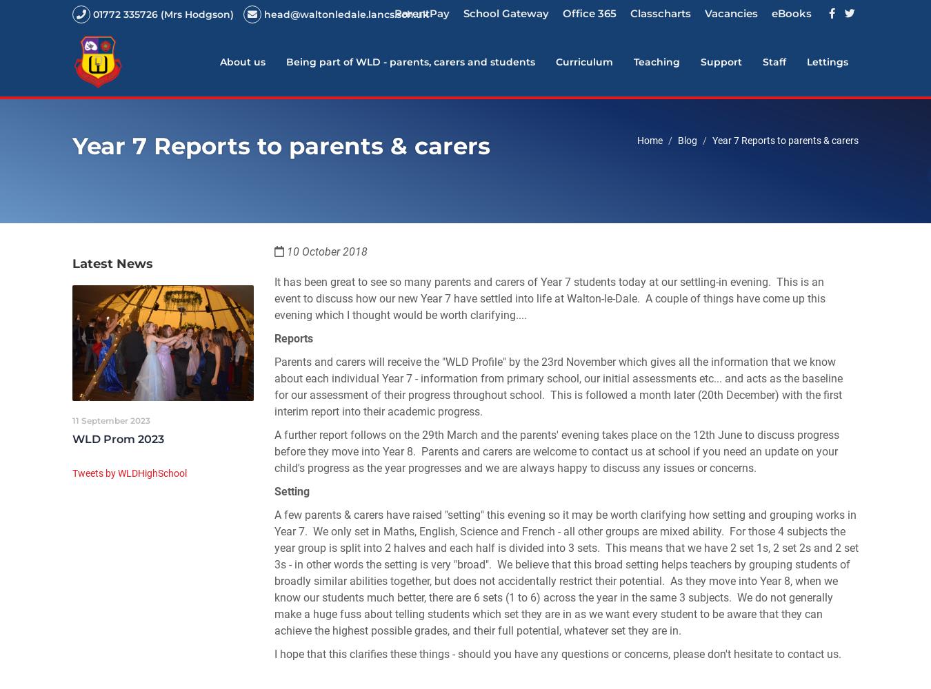 Image resolution: width=931 pixels, height=689 pixels. Describe the element at coordinates (112, 264) in the screenshot. I see `'Latest News'` at that location.